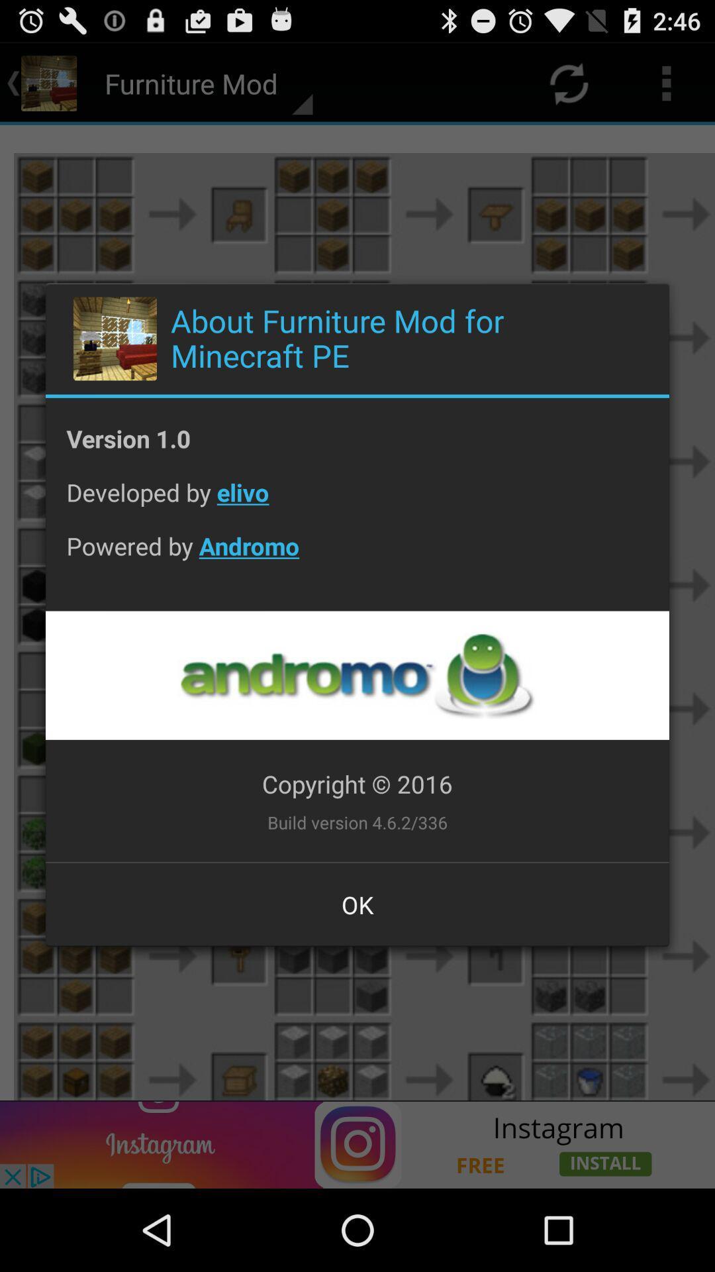 The height and width of the screenshot is (1272, 715). What do you see at coordinates (358, 556) in the screenshot?
I see `powered by andromo icon` at bounding box center [358, 556].